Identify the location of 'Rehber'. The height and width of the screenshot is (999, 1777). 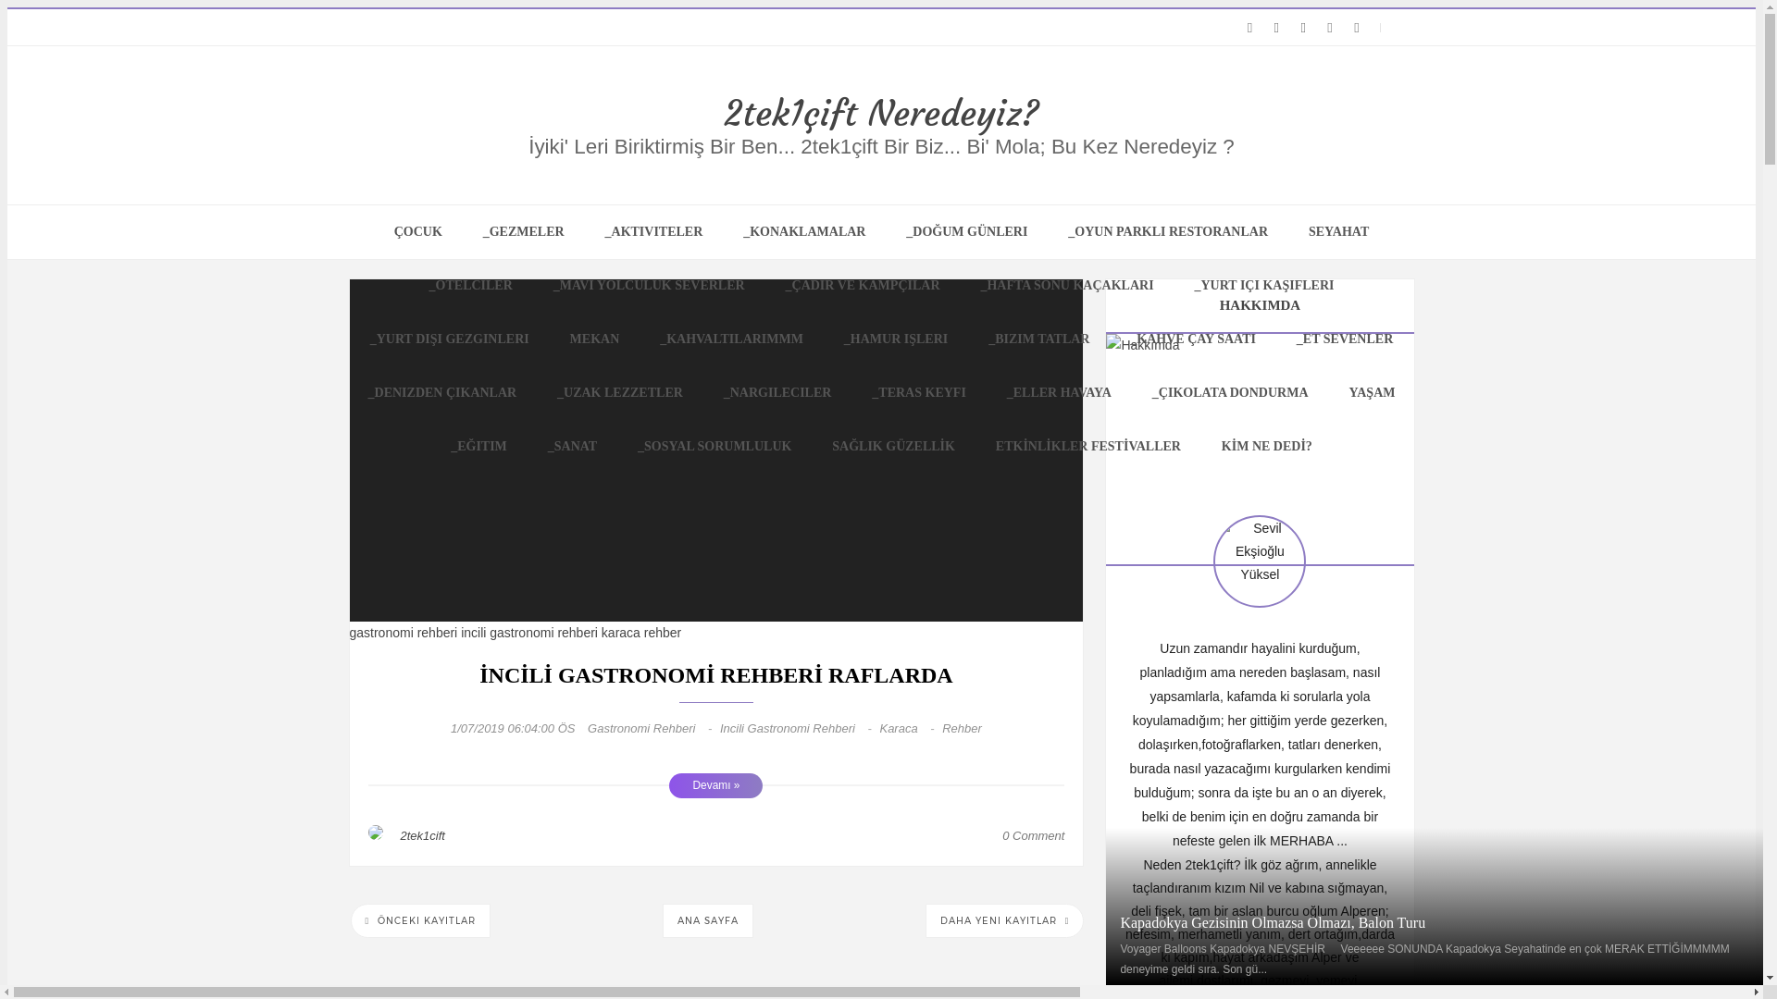
(962, 727).